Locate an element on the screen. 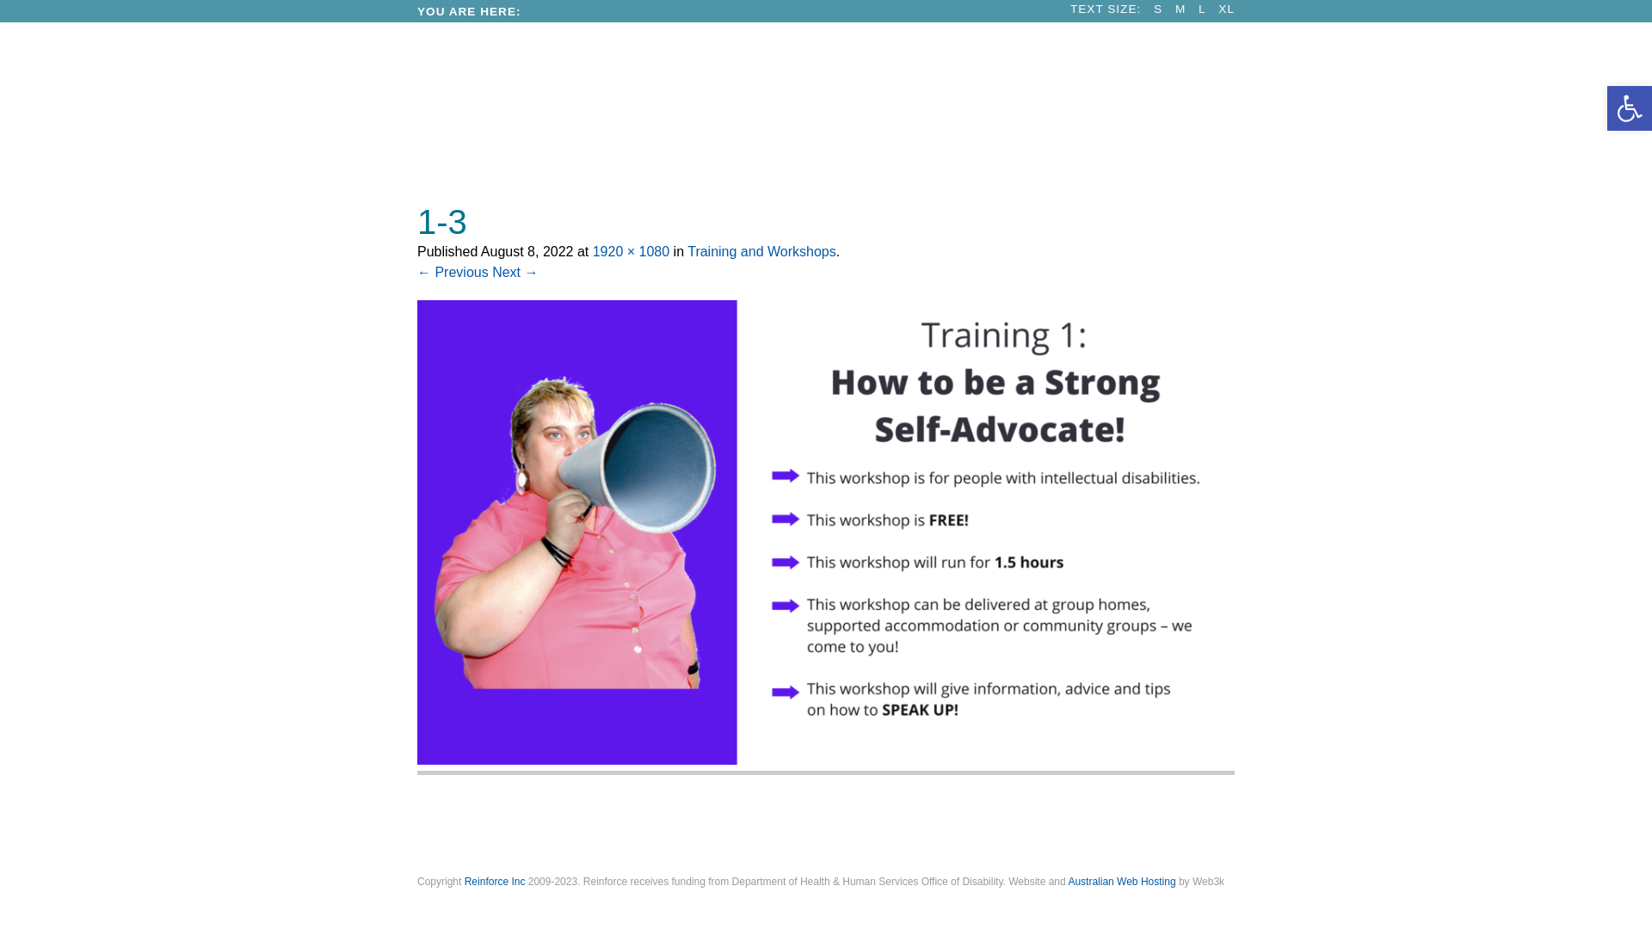  'Reinforce Inc' is located at coordinates (464, 882).